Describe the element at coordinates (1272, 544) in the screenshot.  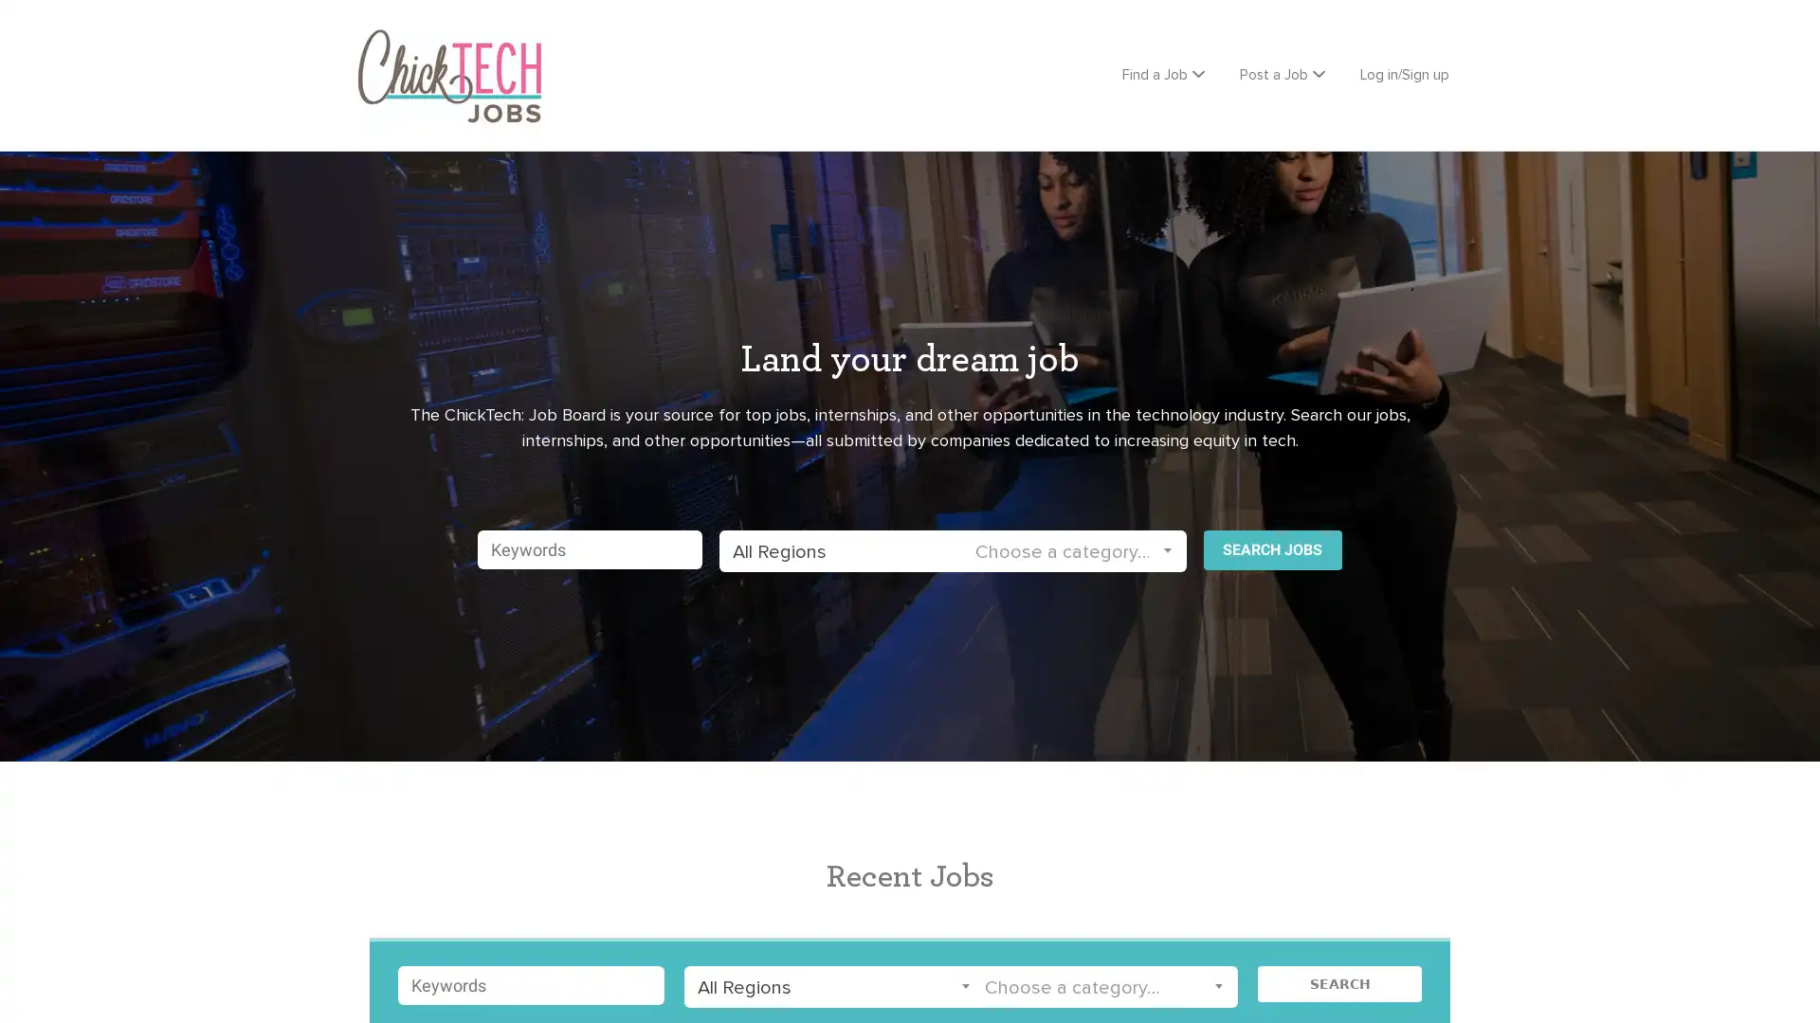
I see `Search Jobs` at that location.